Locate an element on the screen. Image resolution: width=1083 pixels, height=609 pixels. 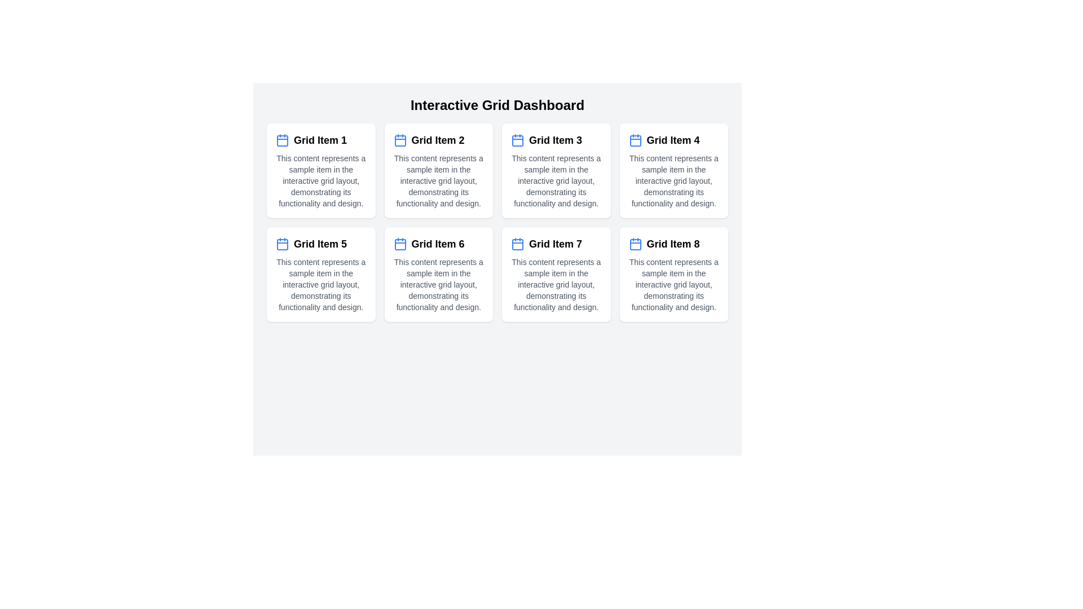
the 'Grid Item 4' text with the blue calendar icon, located in the top-right group of items in a grid layout is located at coordinates (673, 140).